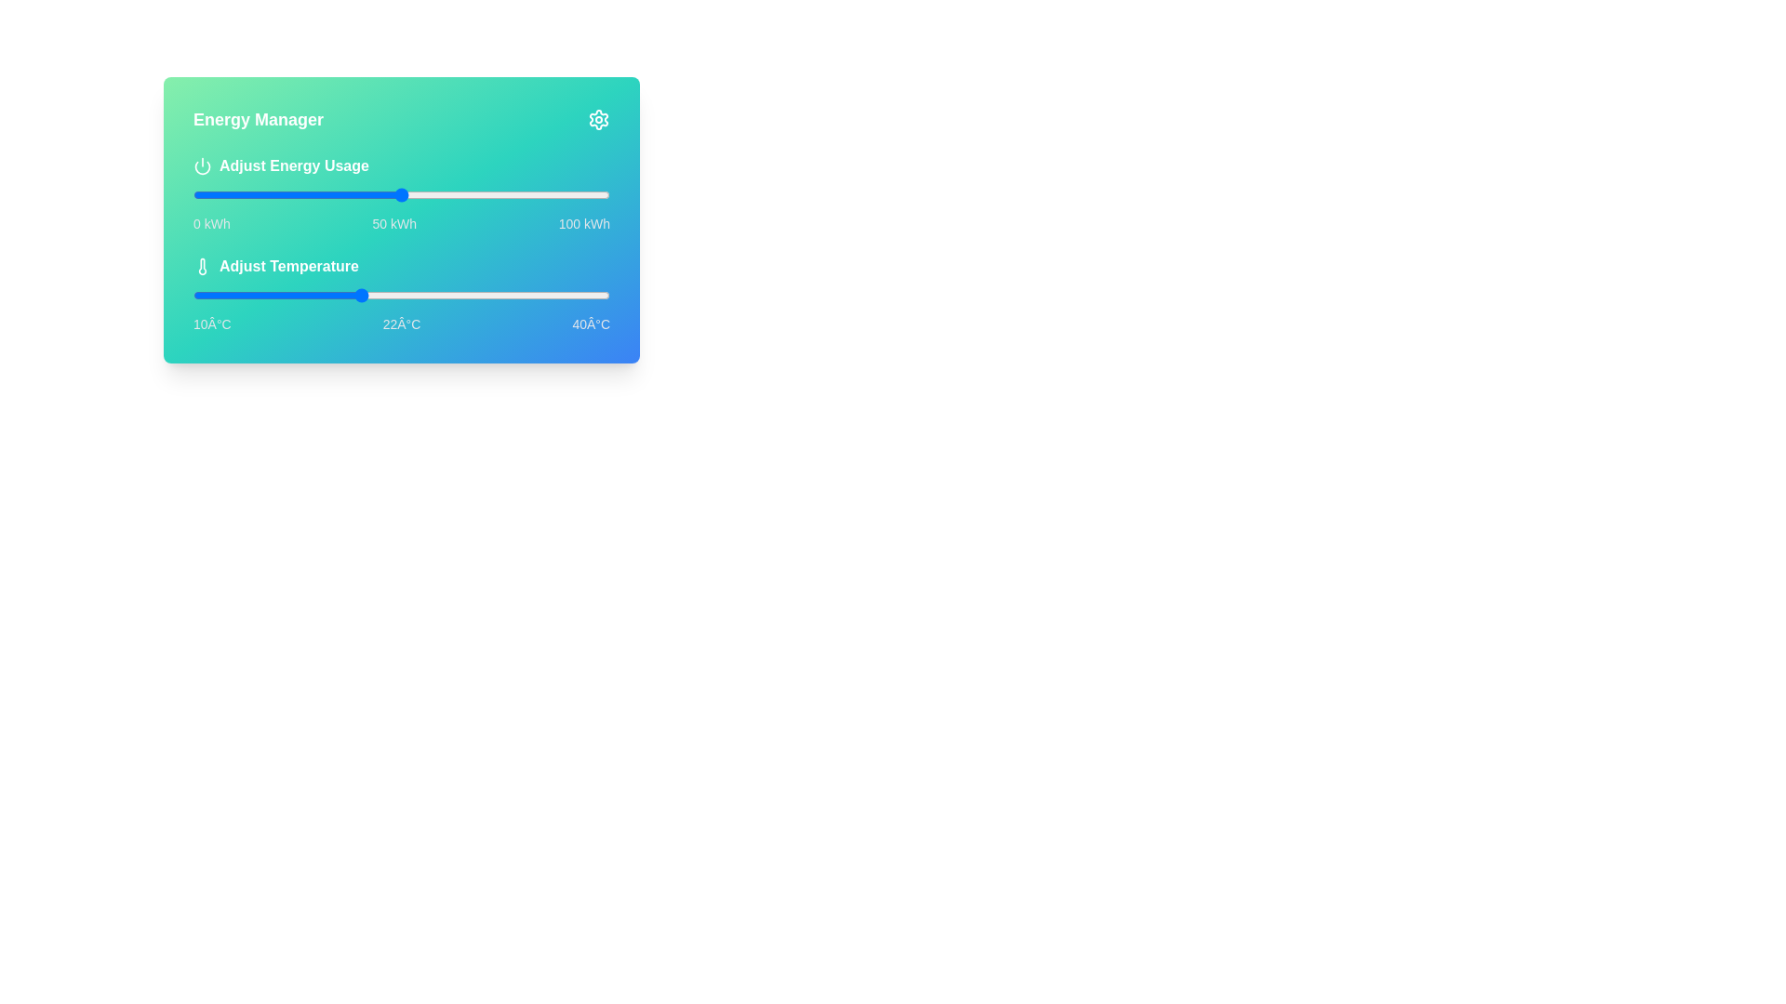 This screenshot has width=1786, height=1004. I want to click on the temperature to 17°C using the slider, so click(289, 294).